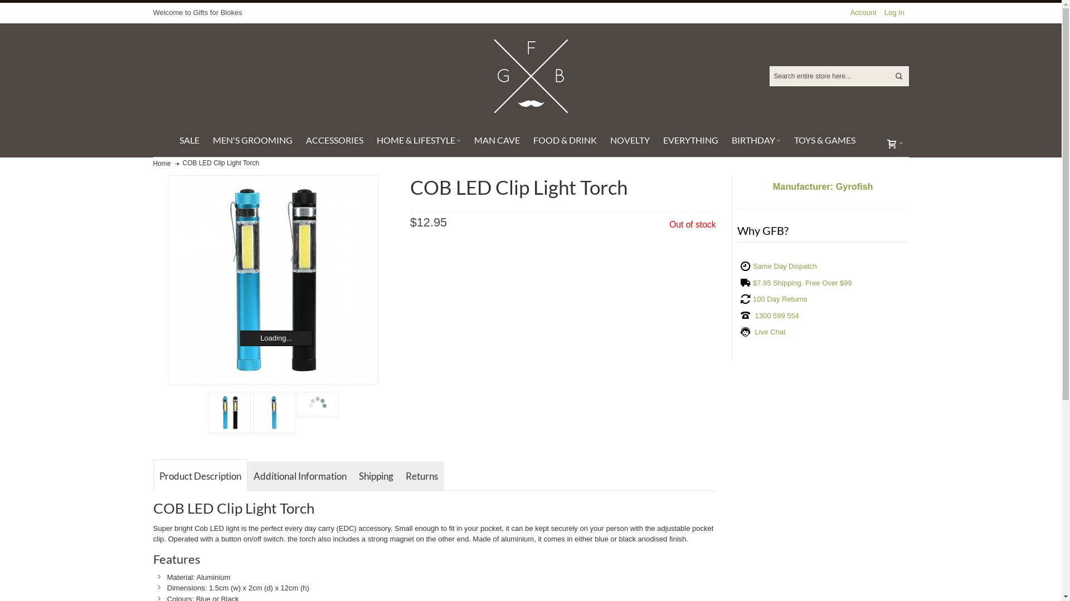  Describe the element at coordinates (376, 475) in the screenshot. I see `'Shipping'` at that location.